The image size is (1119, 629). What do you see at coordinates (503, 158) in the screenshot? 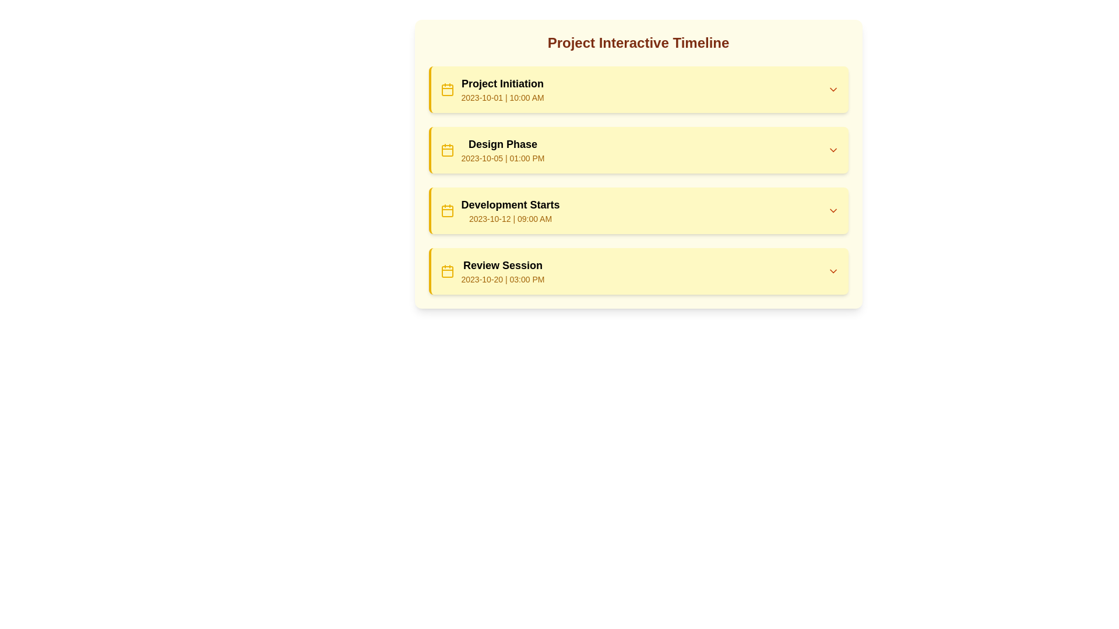
I see `the timestamp Text label associated with the 'Design Phase' milestone, located beneath the 'Design Phase' title in the second timeline entry` at bounding box center [503, 158].